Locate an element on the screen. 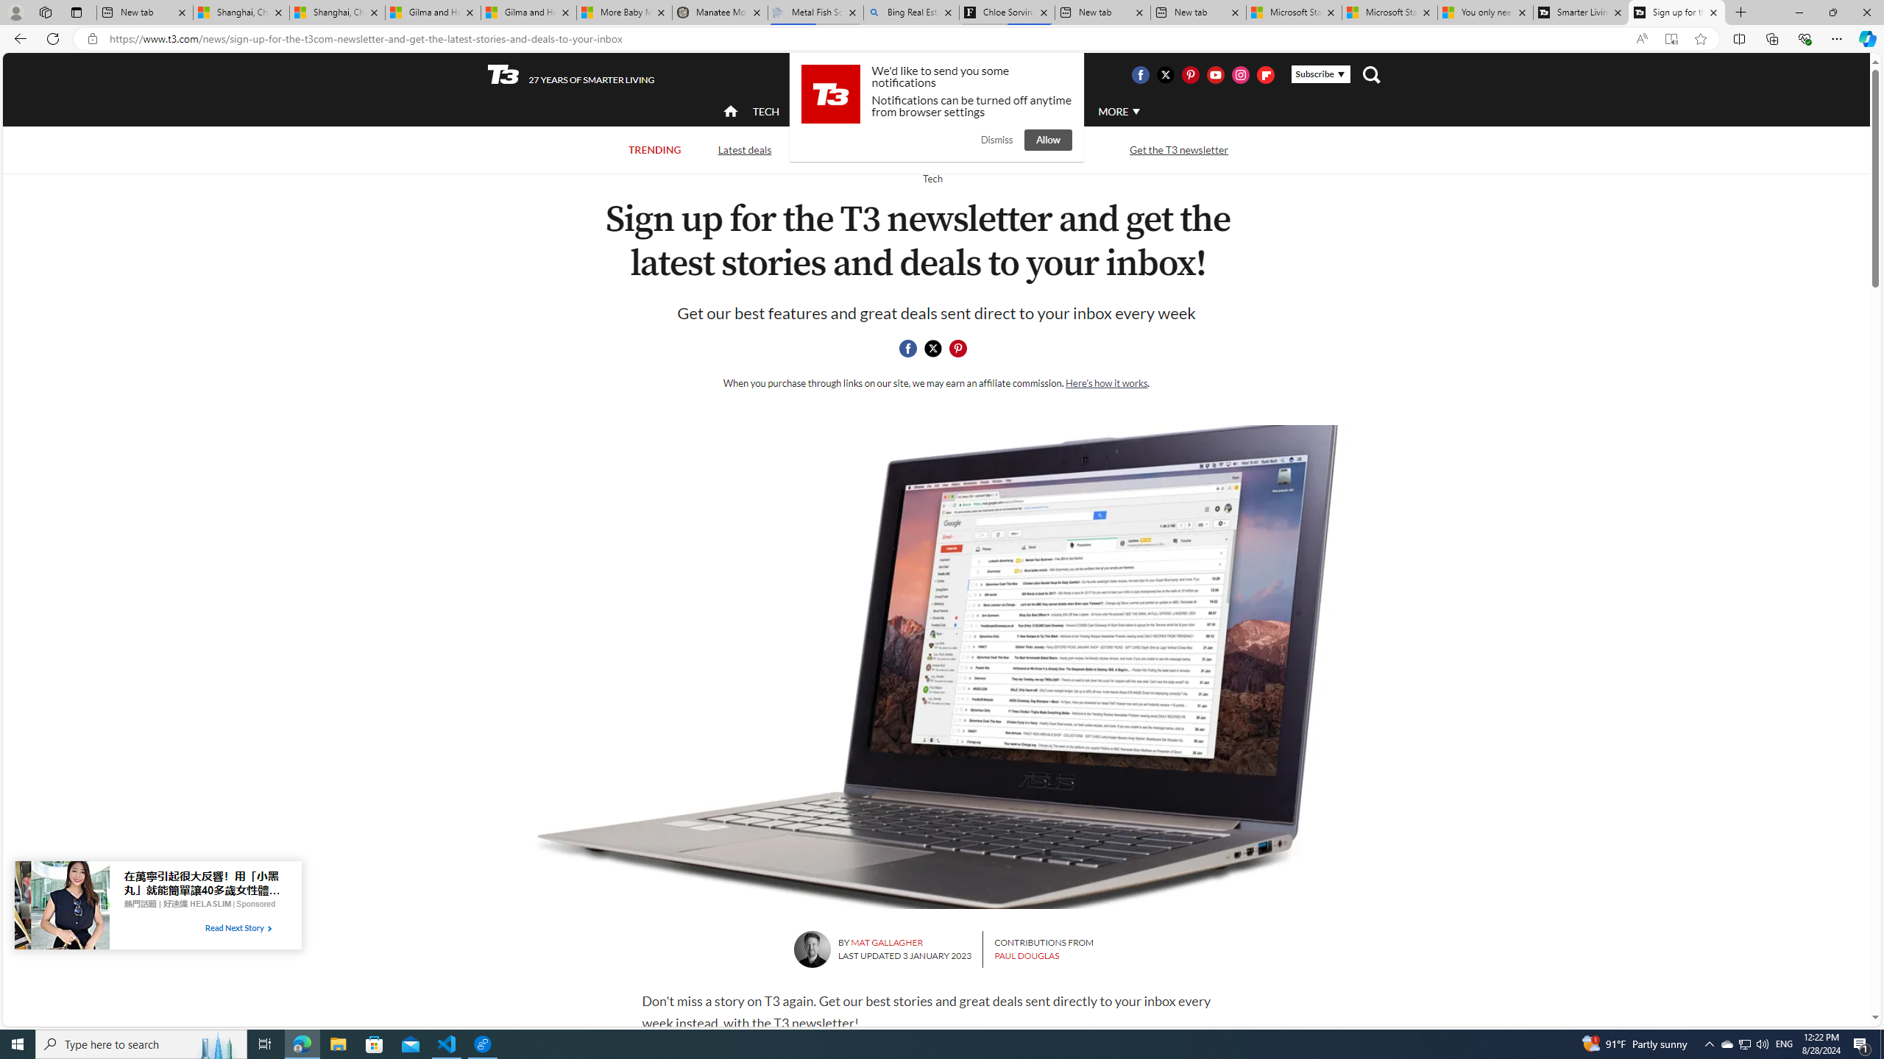  'PAUL DOUGLAS' is located at coordinates (1026, 955).